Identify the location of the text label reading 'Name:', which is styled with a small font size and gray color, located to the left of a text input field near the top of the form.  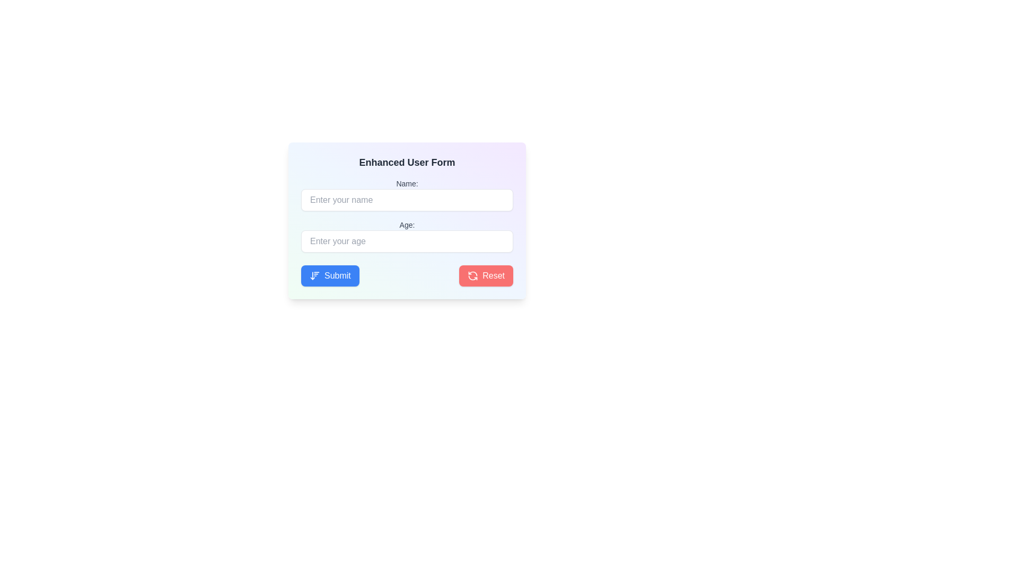
(407, 183).